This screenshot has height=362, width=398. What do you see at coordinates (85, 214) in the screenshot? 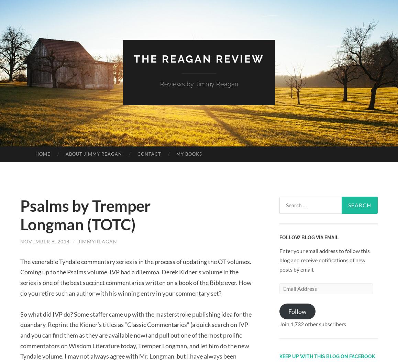
I see `'Psalms by Tremper Longman (TOTC)'` at bounding box center [85, 214].